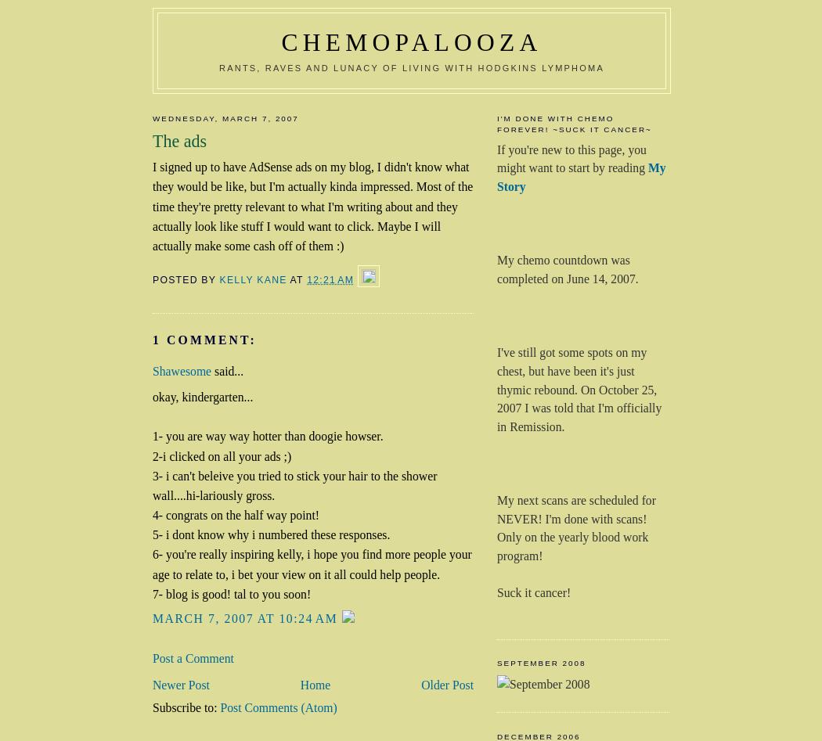 The image size is (822, 741). What do you see at coordinates (294, 485) in the screenshot?
I see `'3- i can't beleive you tried to stick your hair to the shower wall....hi-lariously gross.'` at bounding box center [294, 485].